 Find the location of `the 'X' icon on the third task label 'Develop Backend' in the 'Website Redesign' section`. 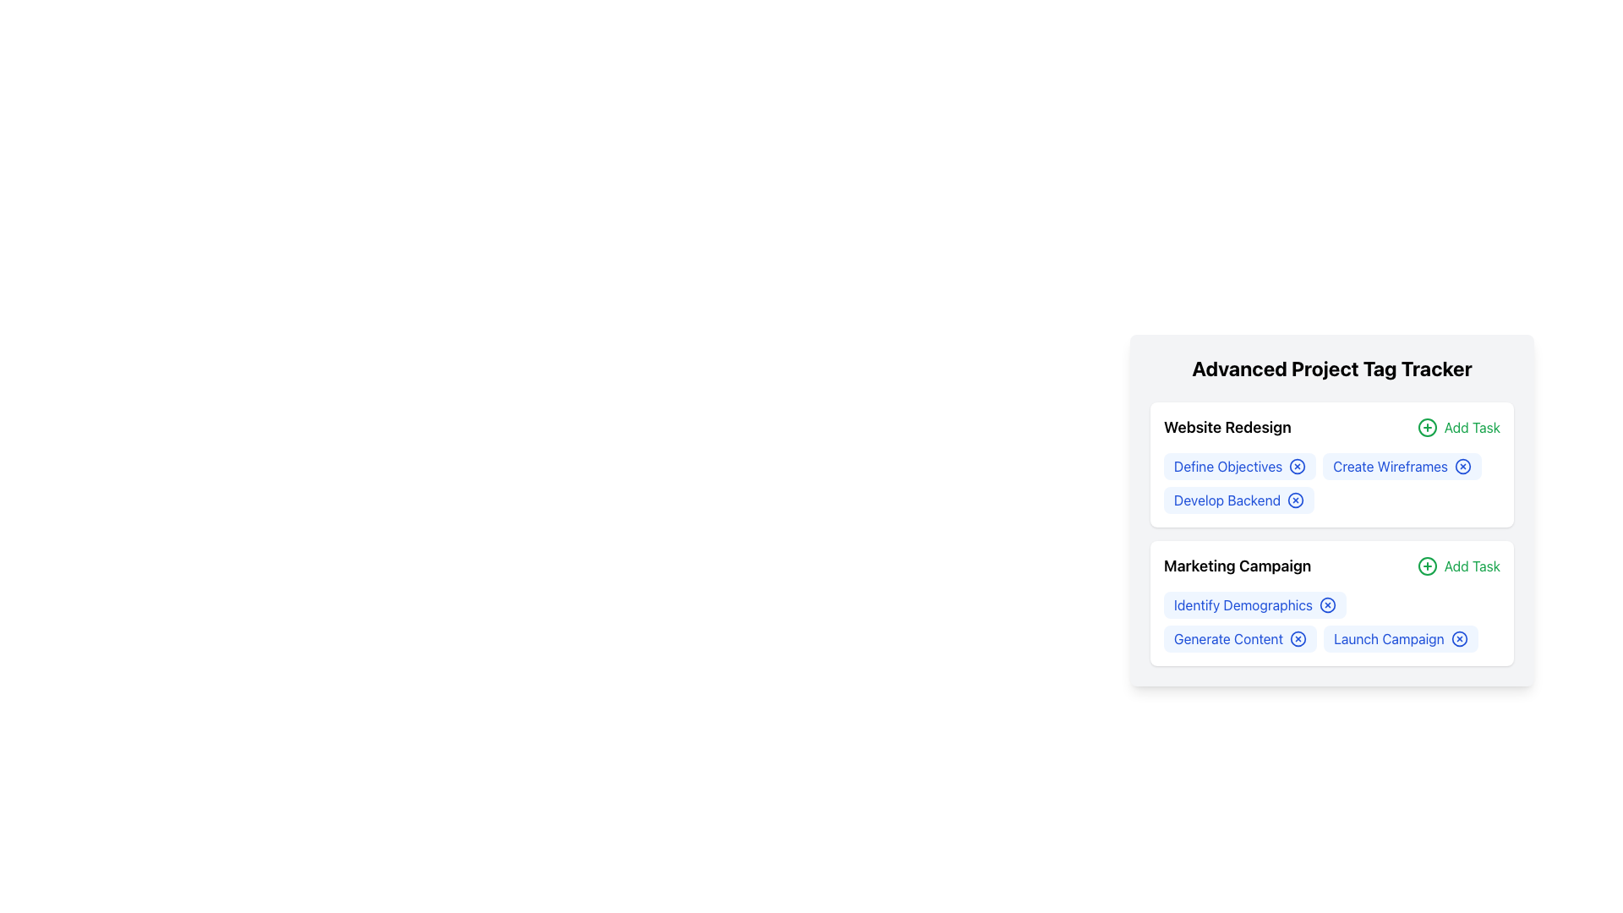

the 'X' icon on the third task label 'Develop Backend' in the 'Website Redesign' section is located at coordinates (1239, 499).